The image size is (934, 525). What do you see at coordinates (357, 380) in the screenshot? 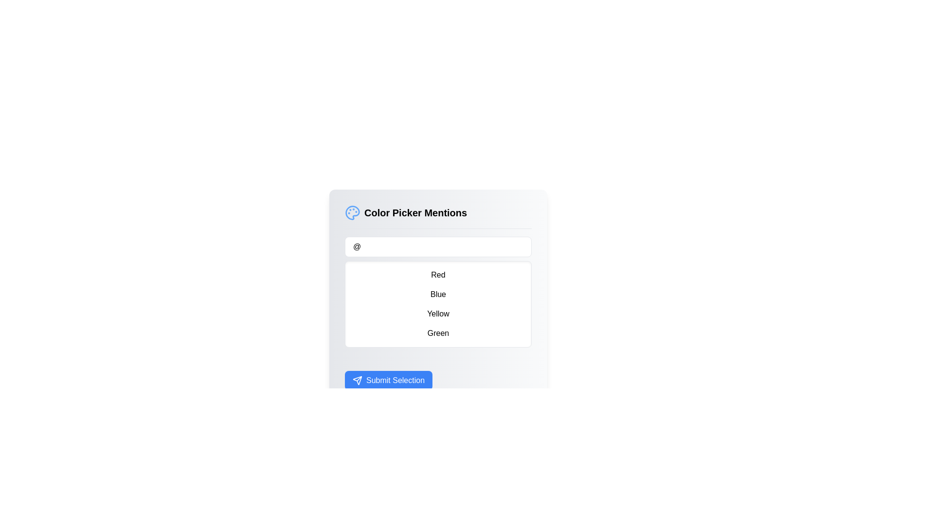
I see `the blue button labeled 'Submit Selection' that contains the send icon resembling a paper airplane` at bounding box center [357, 380].